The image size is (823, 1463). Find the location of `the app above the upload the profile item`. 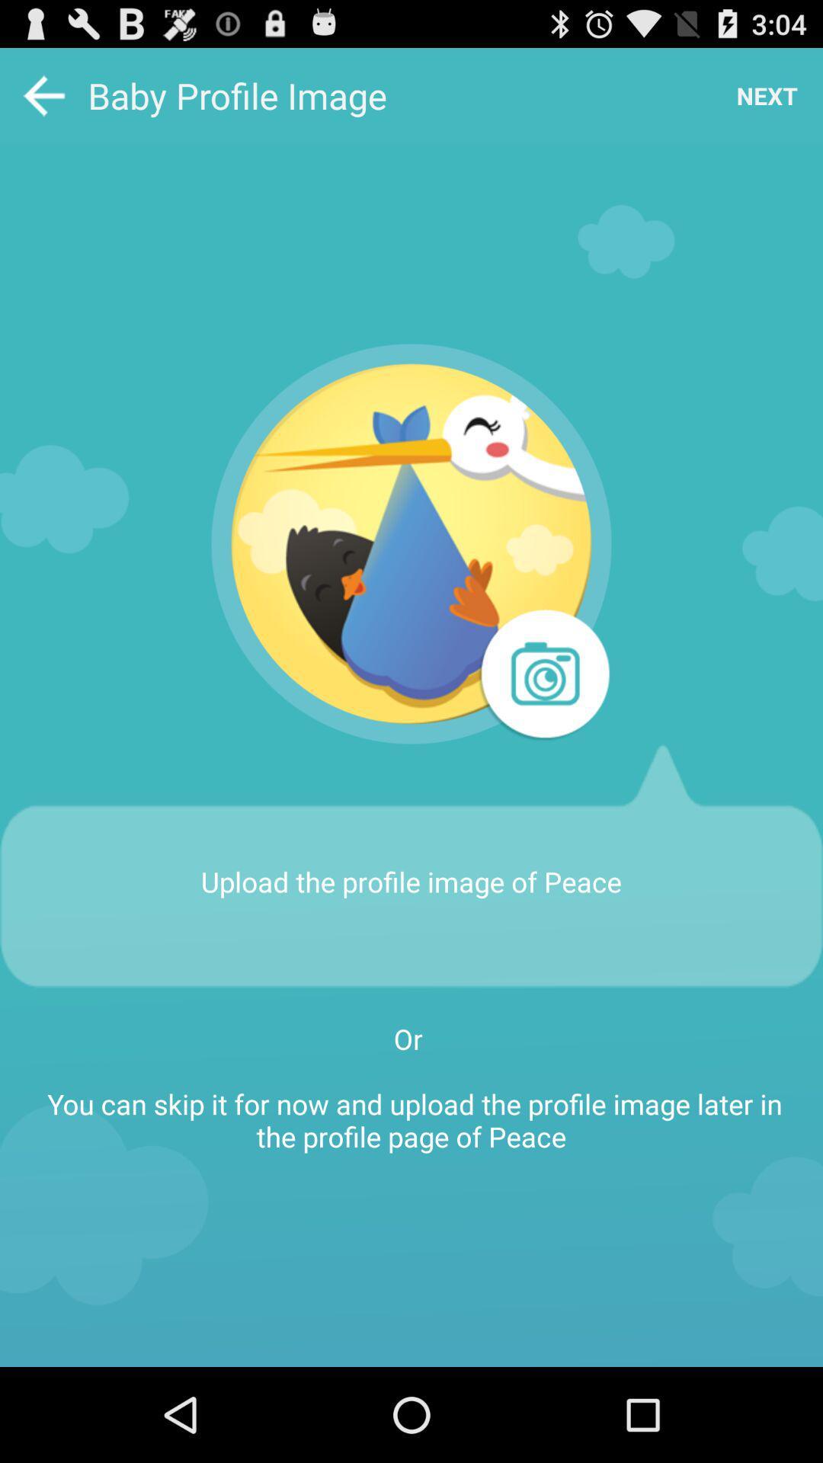

the app above the upload the profile item is located at coordinates (543, 675).